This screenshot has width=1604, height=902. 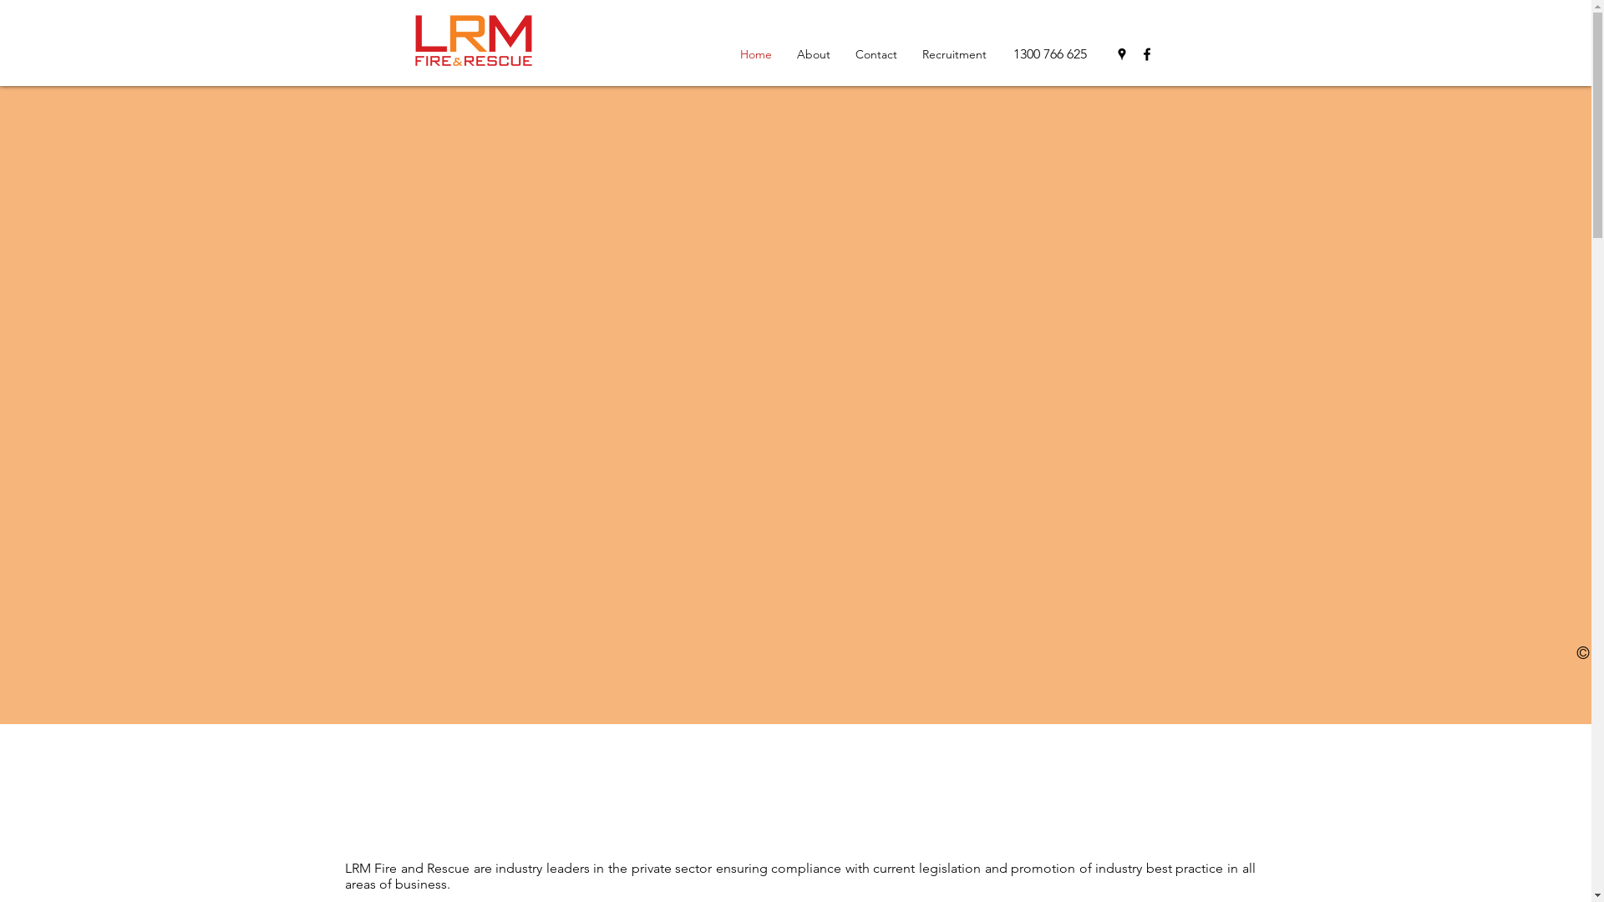 I want to click on 'Home', so click(x=754, y=53).